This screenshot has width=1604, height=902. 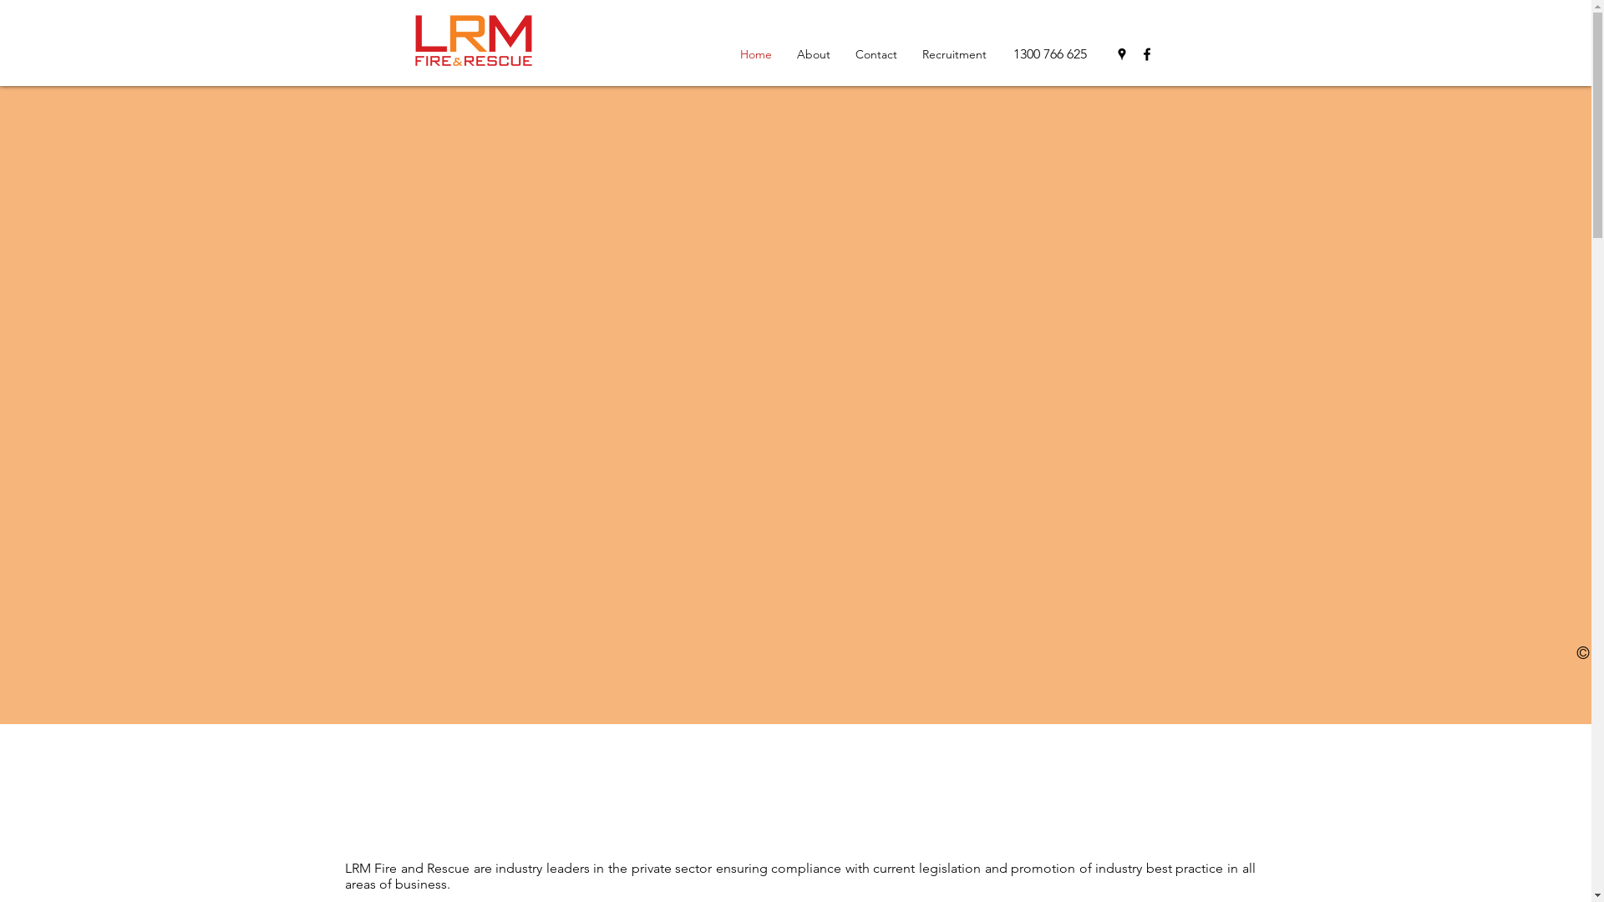 I want to click on 'Home', so click(x=754, y=53).